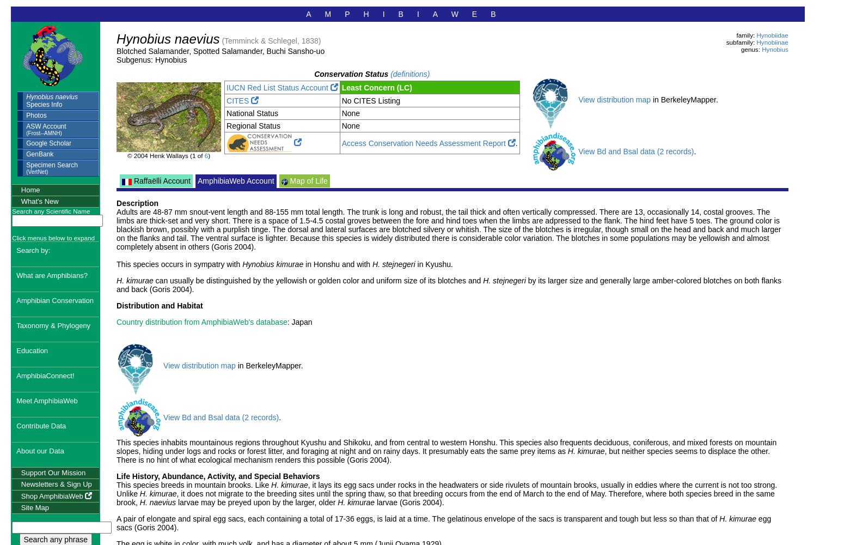 Image resolution: width=844 pixels, height=545 pixels. I want to click on 'Google Scholar', so click(48, 143).